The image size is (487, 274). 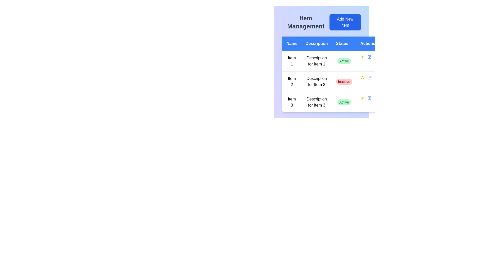 I want to click on the 'Active' status indicator badge, which is a small, rounded rectangular badge with bold green text on a light green background, located in the 'Status' column next to the action icons for 'Item 3', so click(x=344, y=102).